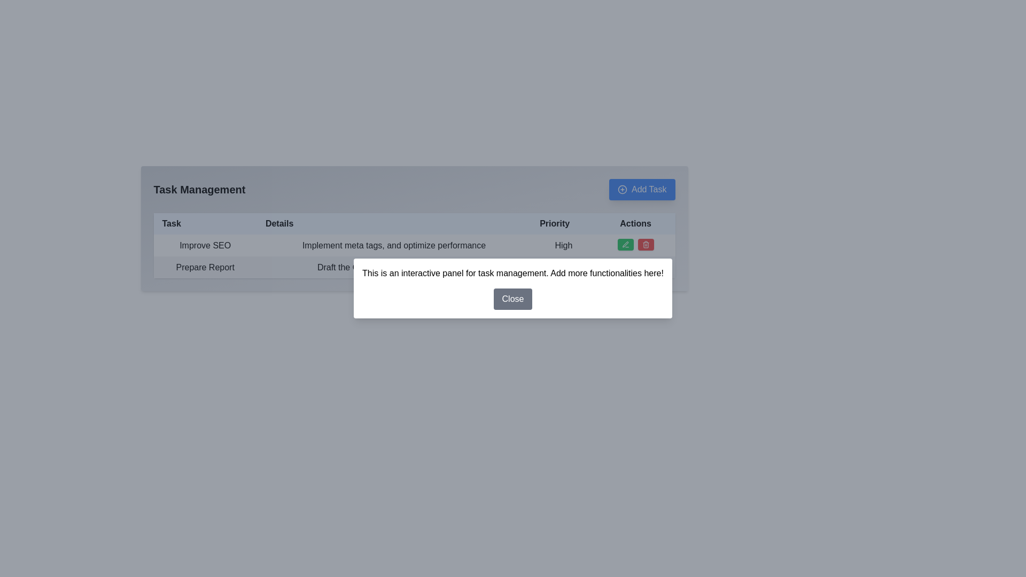  I want to click on the Text display element that shows 'Implement meta tags, and optimize performance', located in the 'Details' column of the table, between 'Improve SEO' and 'High', so click(393, 245).